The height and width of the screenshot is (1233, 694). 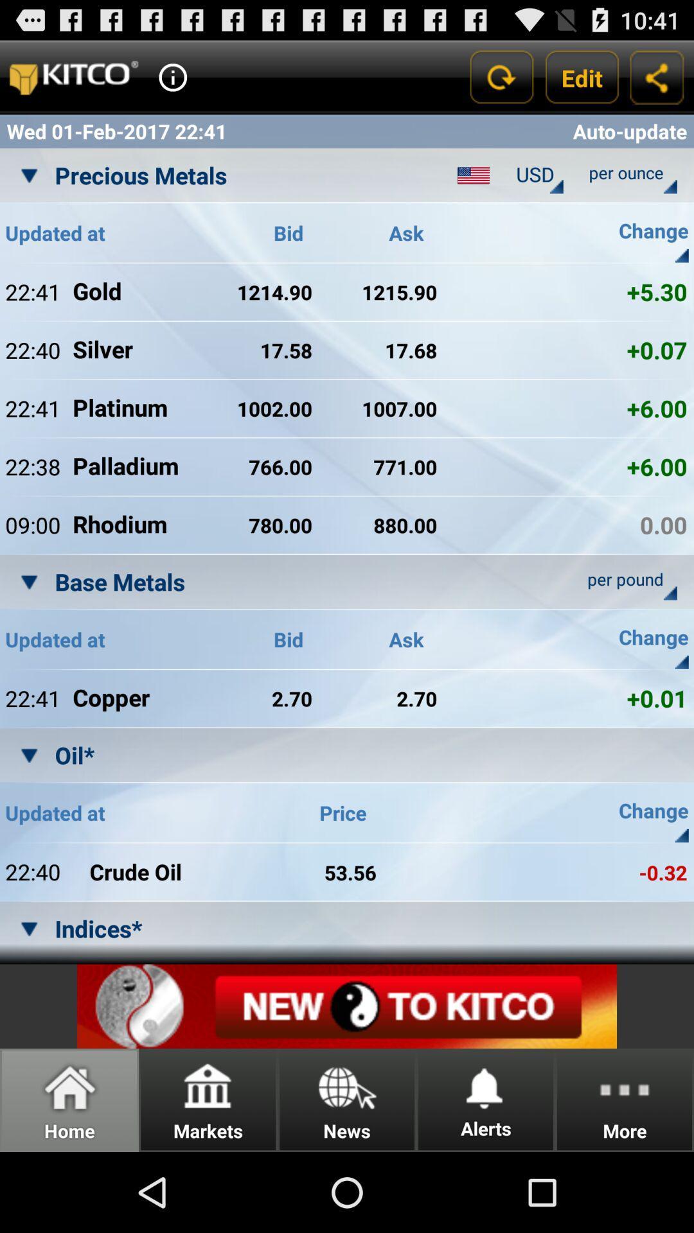 What do you see at coordinates (172, 76) in the screenshot?
I see `more information` at bounding box center [172, 76].